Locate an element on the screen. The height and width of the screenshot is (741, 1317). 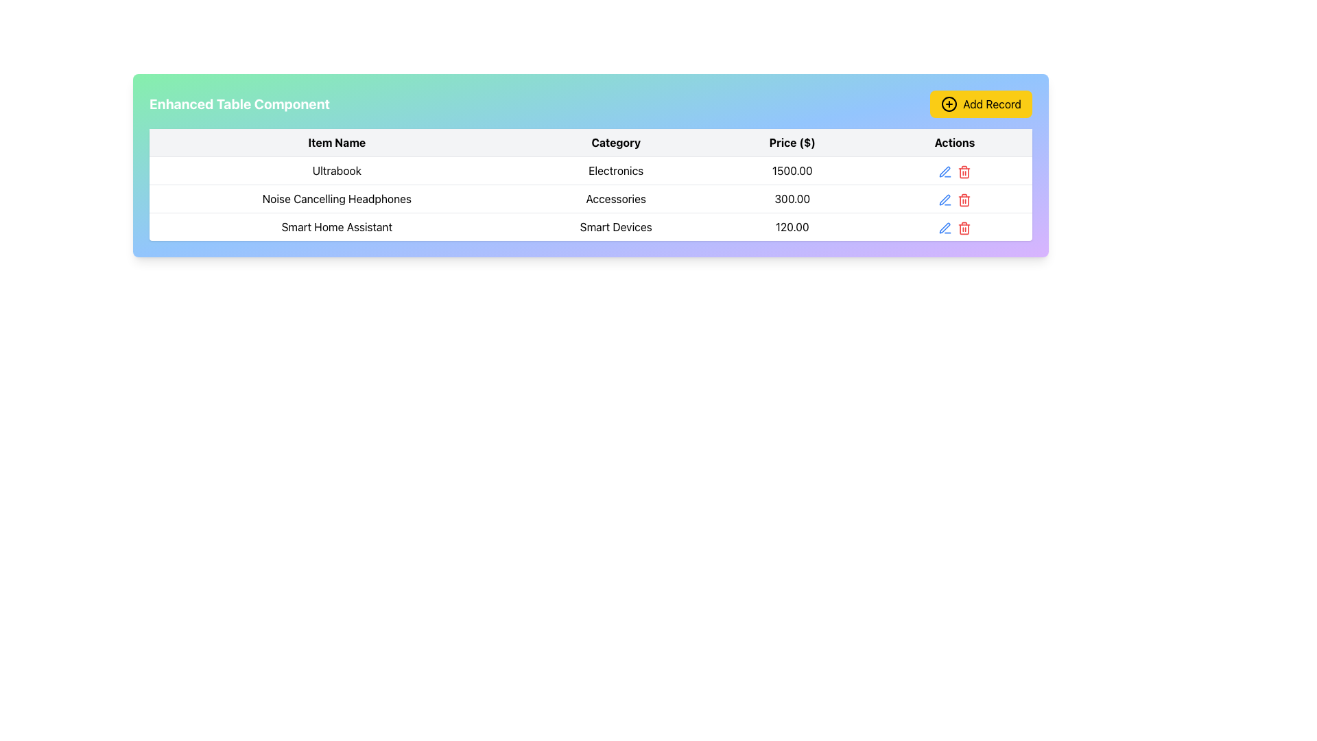
the text of the 'Ultrabook' category label located in the second column of the first data row of the table is located at coordinates (591, 170).